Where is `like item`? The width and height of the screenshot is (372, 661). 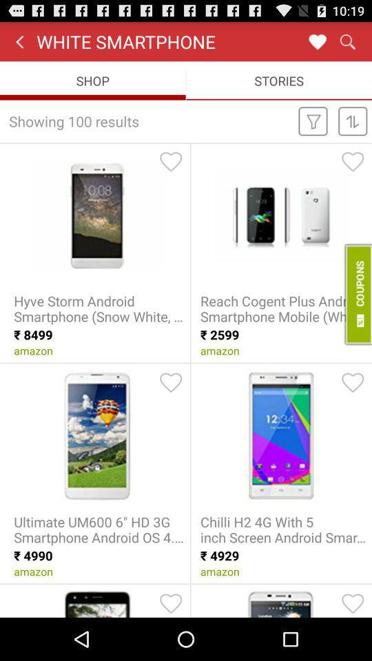
like item is located at coordinates (353, 382).